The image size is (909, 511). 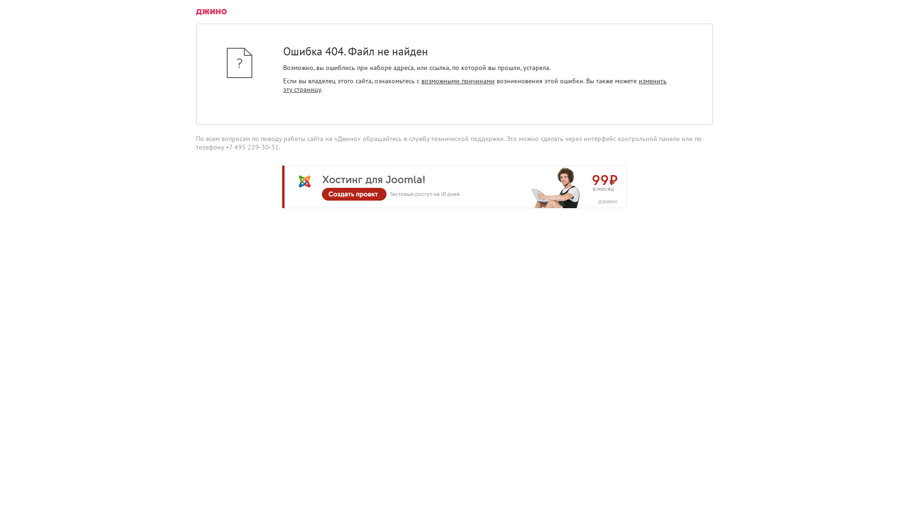 I want to click on '+7 495 229-30-31', so click(x=252, y=147).